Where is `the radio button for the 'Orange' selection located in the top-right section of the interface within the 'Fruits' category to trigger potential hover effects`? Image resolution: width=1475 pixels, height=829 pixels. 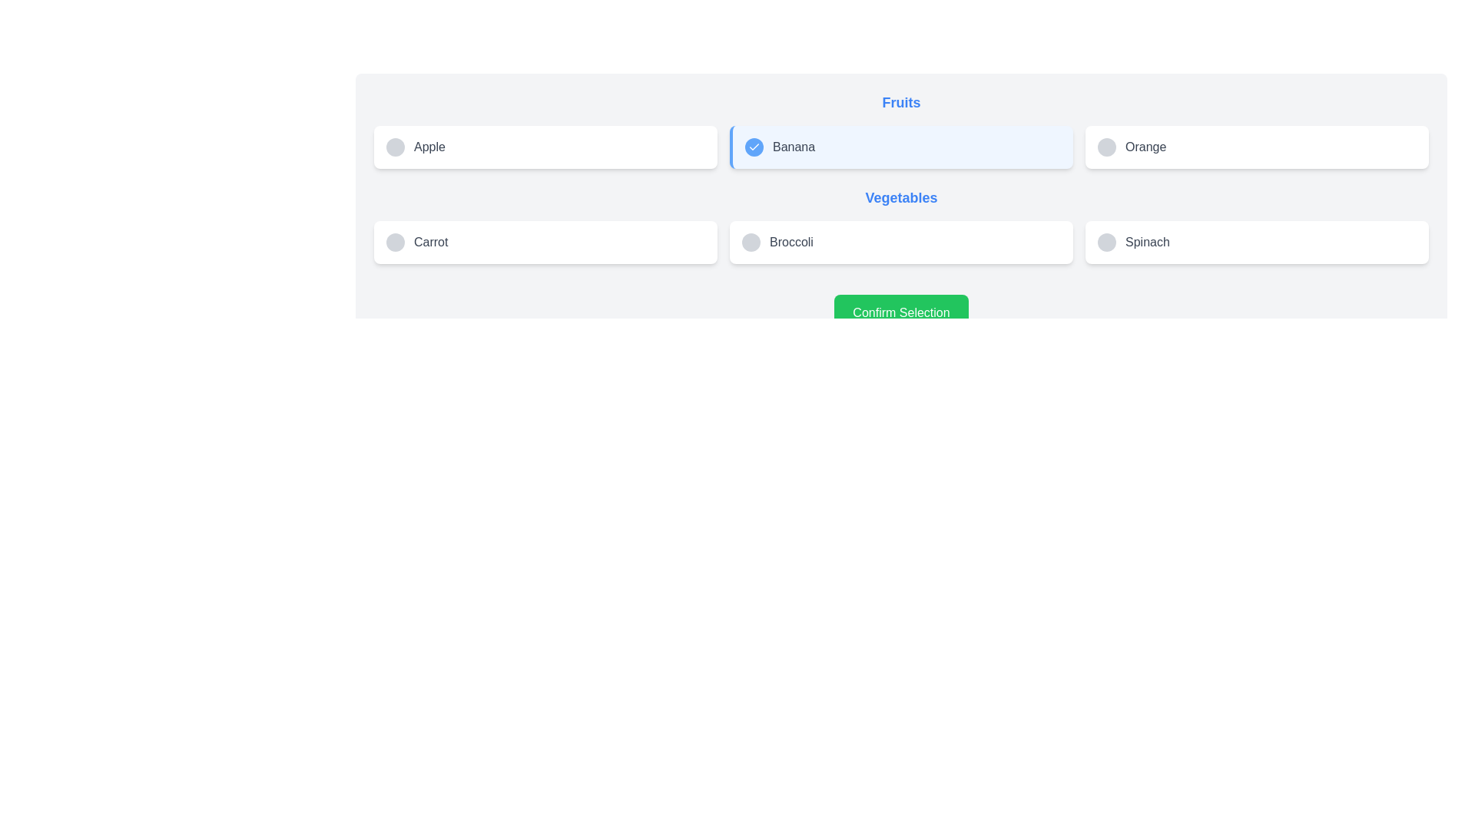
the radio button for the 'Orange' selection located in the top-right section of the interface within the 'Fruits' category to trigger potential hover effects is located at coordinates (1106, 147).